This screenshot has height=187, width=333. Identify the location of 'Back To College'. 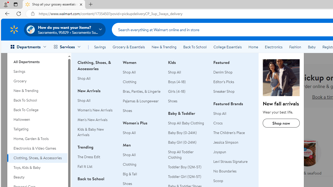
(37, 110).